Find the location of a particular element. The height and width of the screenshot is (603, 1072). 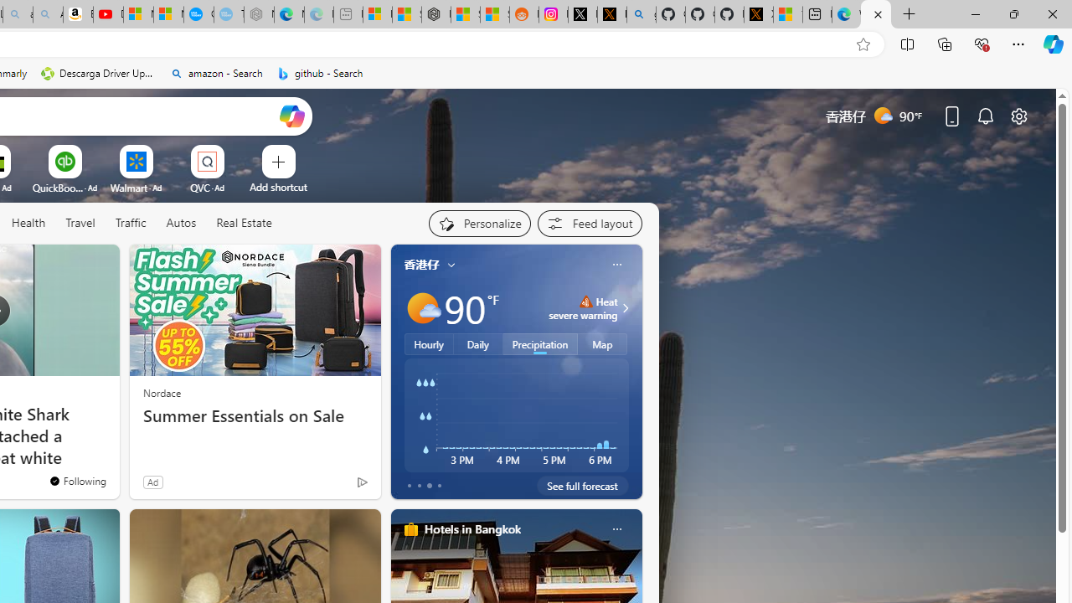

'Click to see more information' is located at coordinates (622, 307).